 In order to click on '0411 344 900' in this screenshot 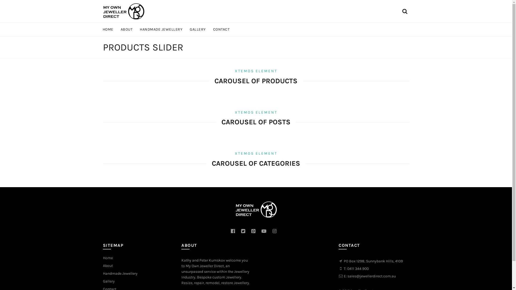, I will do `click(358, 269)`.